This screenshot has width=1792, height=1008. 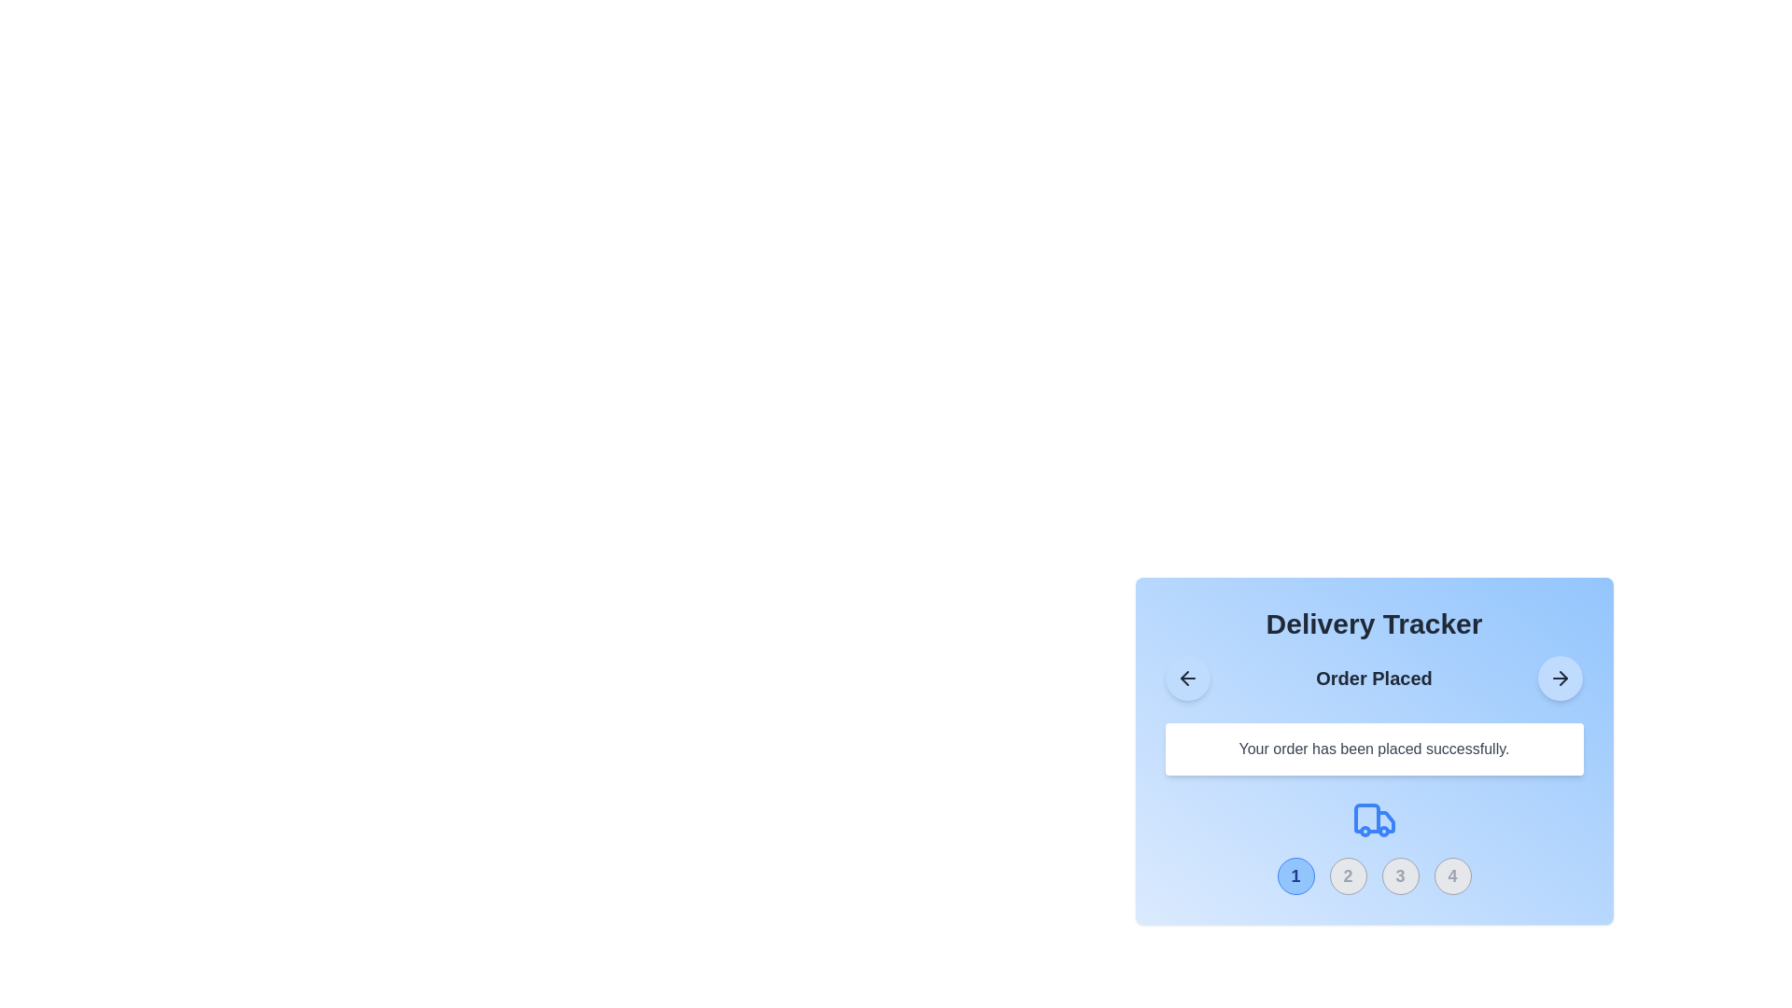 What do you see at coordinates (1374, 678) in the screenshot?
I see `'Order Placed' text label, which is styled in bold grayish-blue color and positioned centrally in the status panel, slightly below the main header` at bounding box center [1374, 678].